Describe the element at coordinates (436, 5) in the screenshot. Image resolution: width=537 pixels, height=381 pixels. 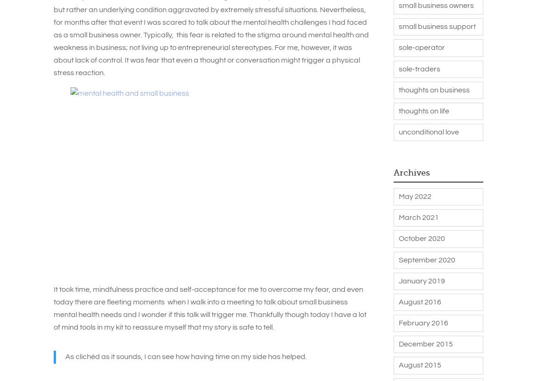
I see `'small business owners'` at that location.